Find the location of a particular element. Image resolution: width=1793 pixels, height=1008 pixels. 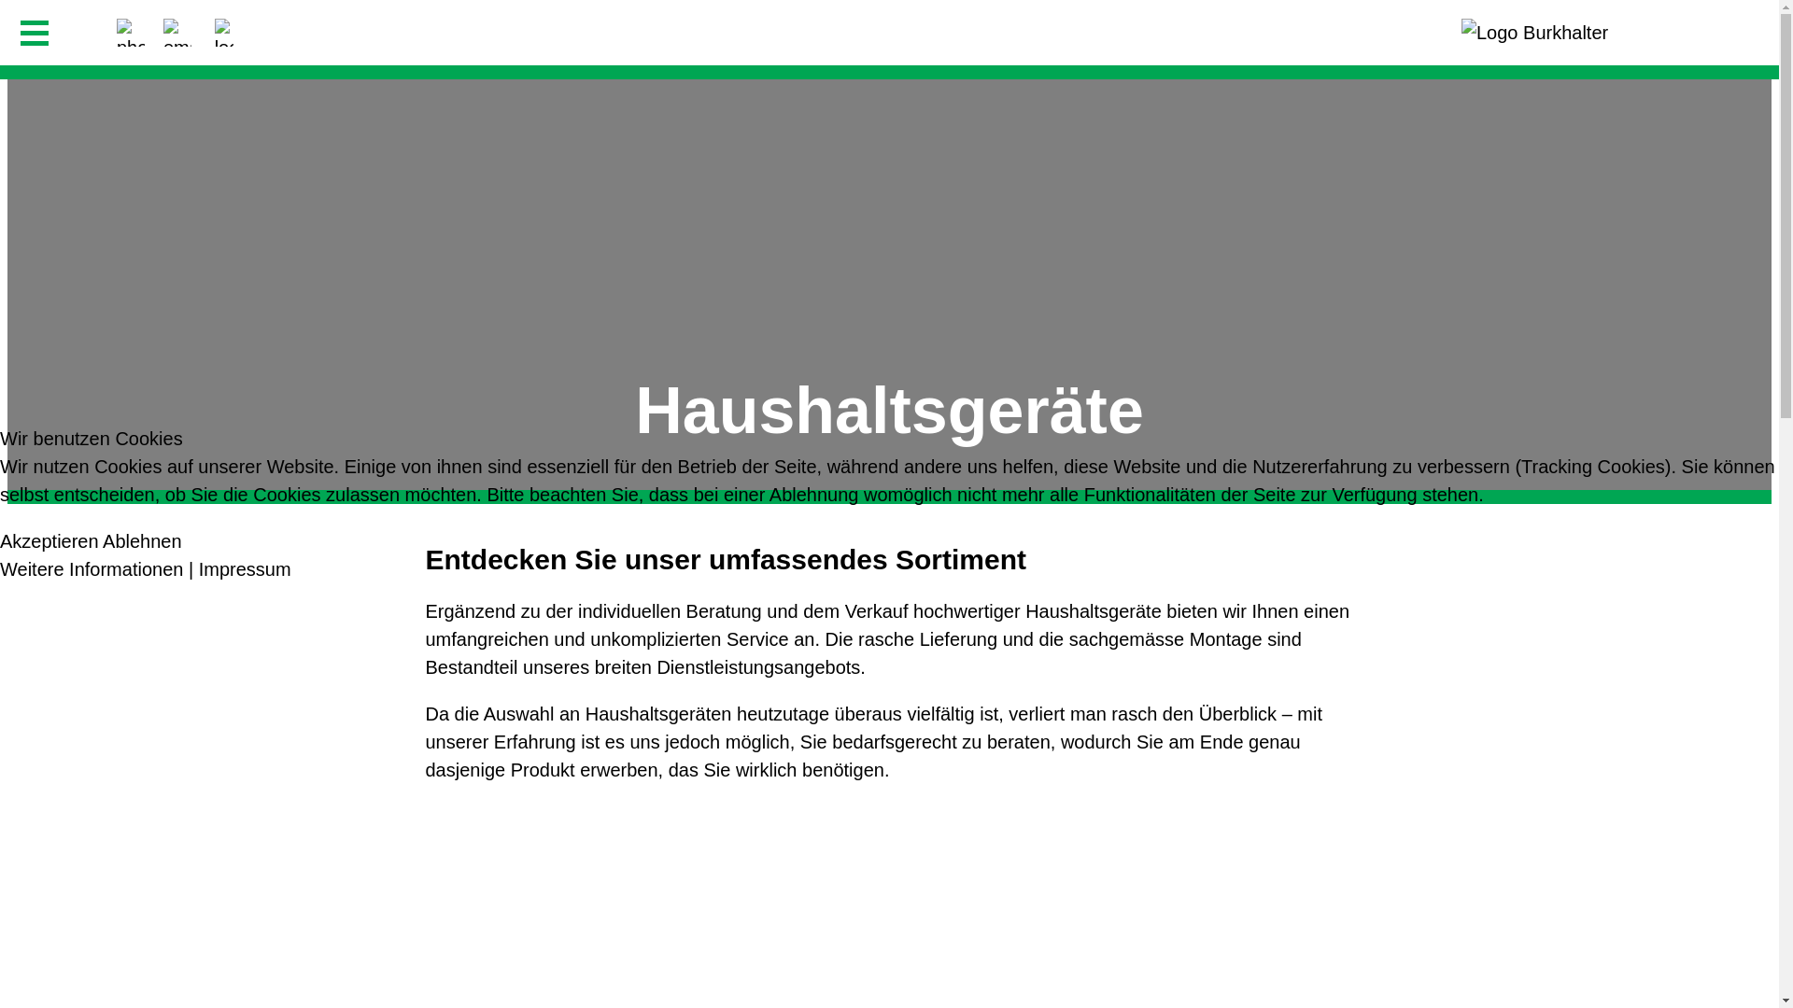

'Weitere Informationen' is located at coordinates (0, 567).